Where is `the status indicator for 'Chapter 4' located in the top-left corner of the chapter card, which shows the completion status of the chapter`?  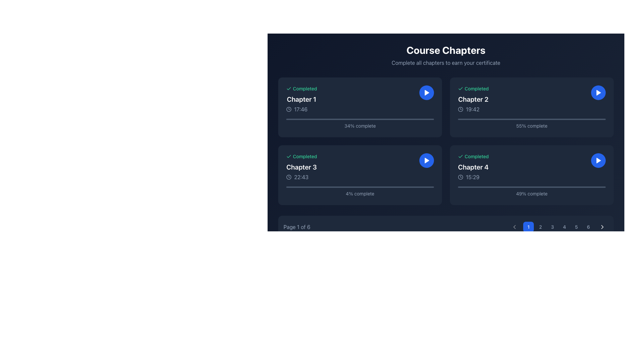 the status indicator for 'Chapter 4' located in the top-left corner of the chapter card, which shows the completion status of the chapter is located at coordinates (473, 156).